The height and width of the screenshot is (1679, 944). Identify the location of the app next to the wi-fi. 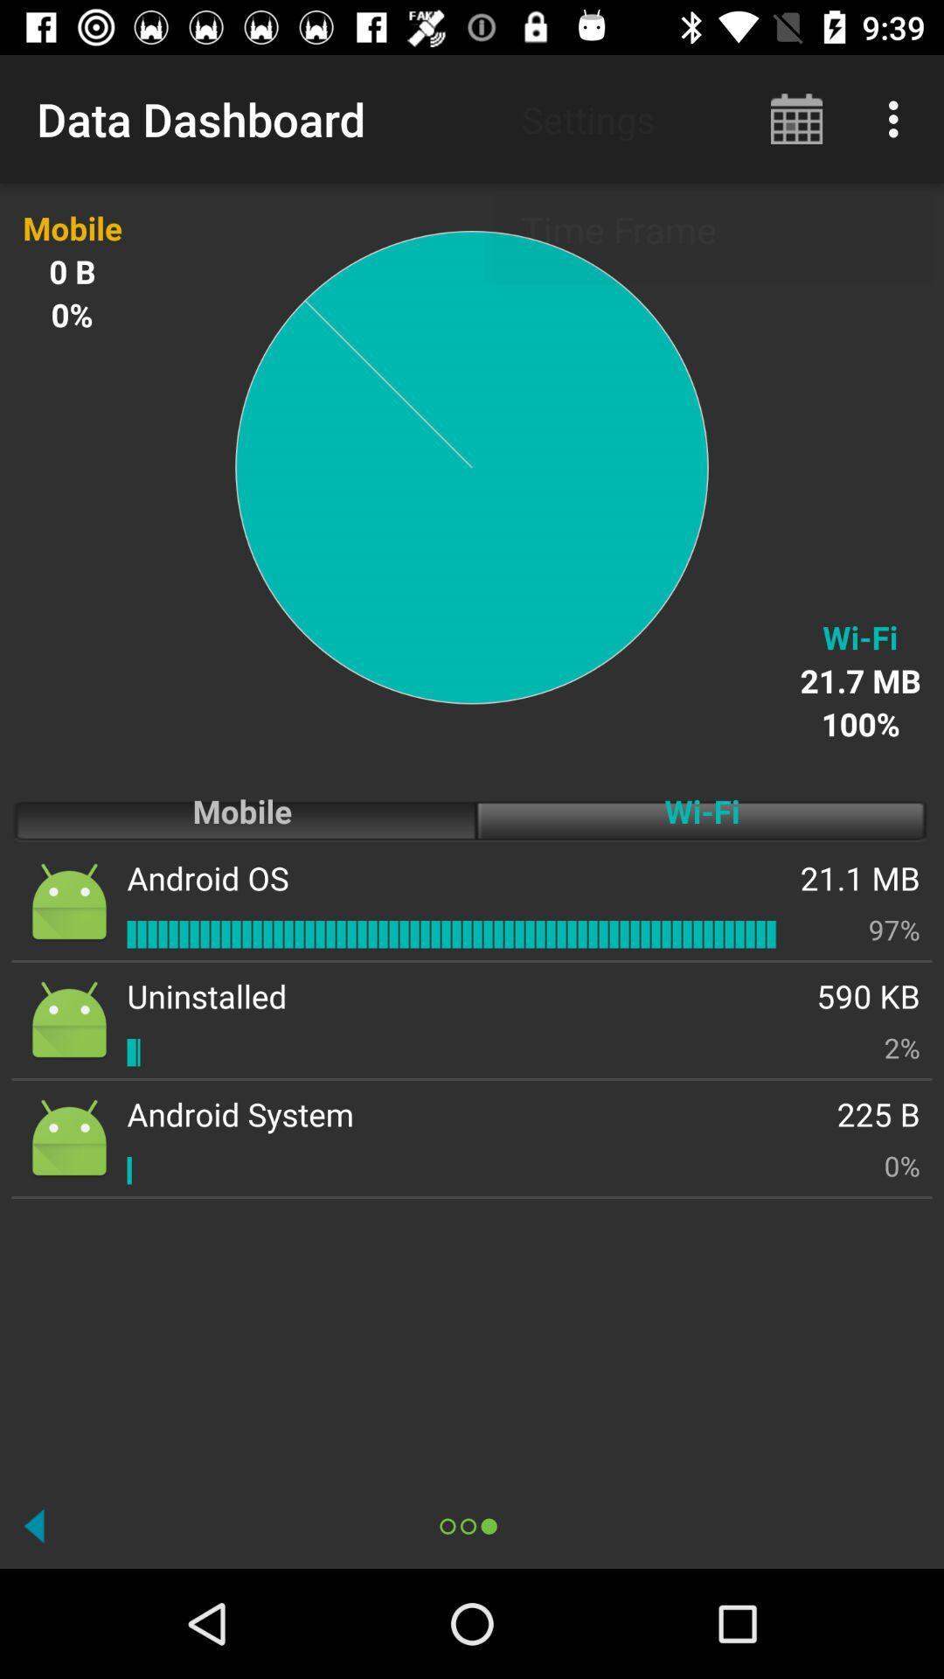
(207, 878).